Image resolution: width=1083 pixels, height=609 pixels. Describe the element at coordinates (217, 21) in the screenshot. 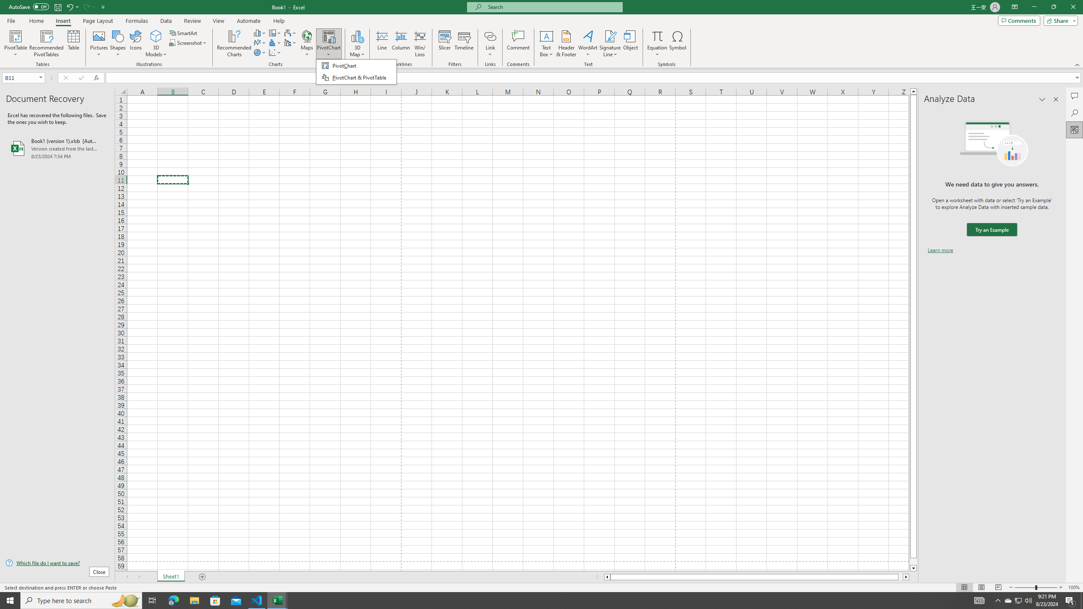

I see `'View'` at that location.